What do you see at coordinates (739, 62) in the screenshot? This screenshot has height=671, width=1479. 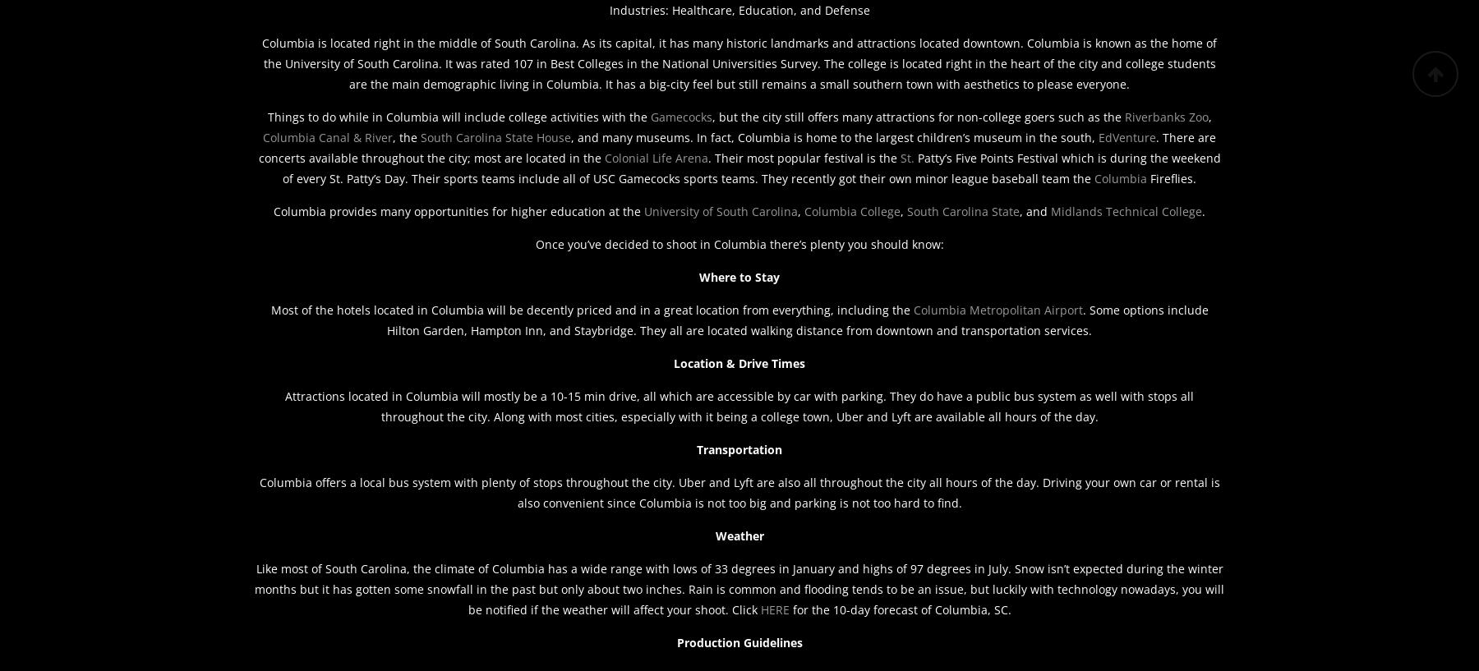 I see `'Columbia is located right in the middle of South Carolina. As its capital, it has many historic landmarks and attractions located downtown. Columbia is known as the home of the University of South Carolina. It was rated 107 in Best Colleges in the National Universities Survey. The college is located right in the heart of the city and college students are the main demographic living in Columbia. It has a big-city feel but still remains a small southern town with aesthetics to please everyone.'` at bounding box center [739, 62].